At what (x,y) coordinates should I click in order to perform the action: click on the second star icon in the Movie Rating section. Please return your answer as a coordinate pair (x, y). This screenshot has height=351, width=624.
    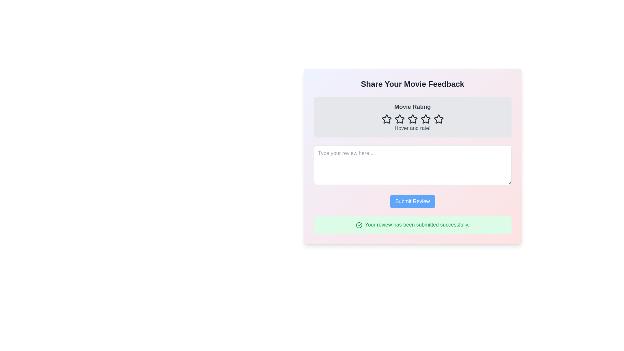
    Looking at the image, I should click on (399, 119).